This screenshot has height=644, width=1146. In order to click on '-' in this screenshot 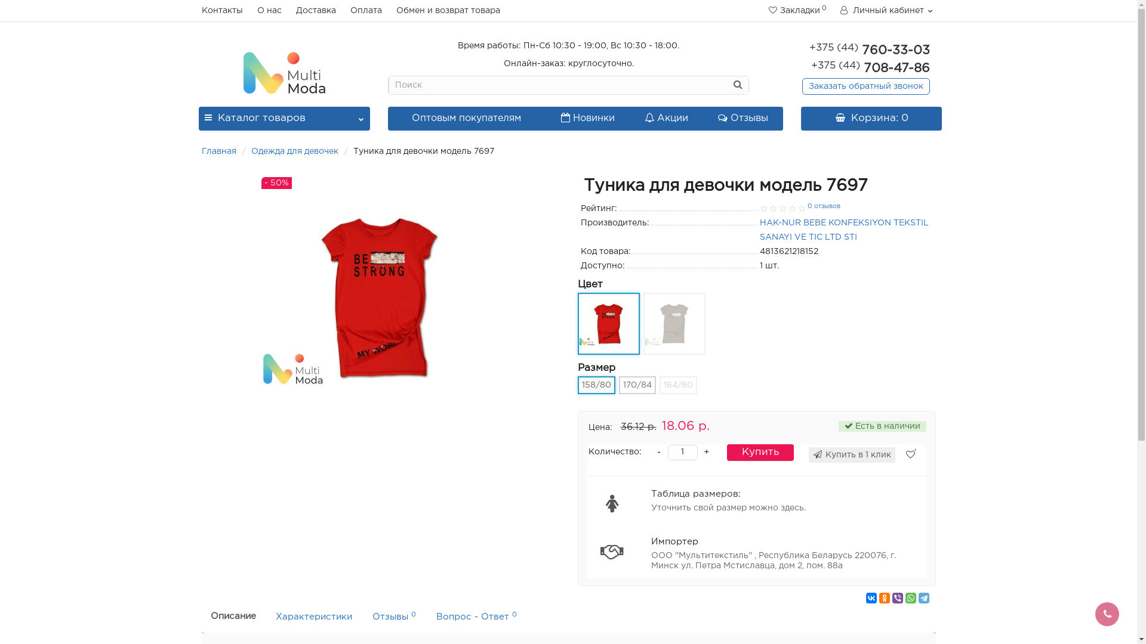, I will do `click(658, 453)`.